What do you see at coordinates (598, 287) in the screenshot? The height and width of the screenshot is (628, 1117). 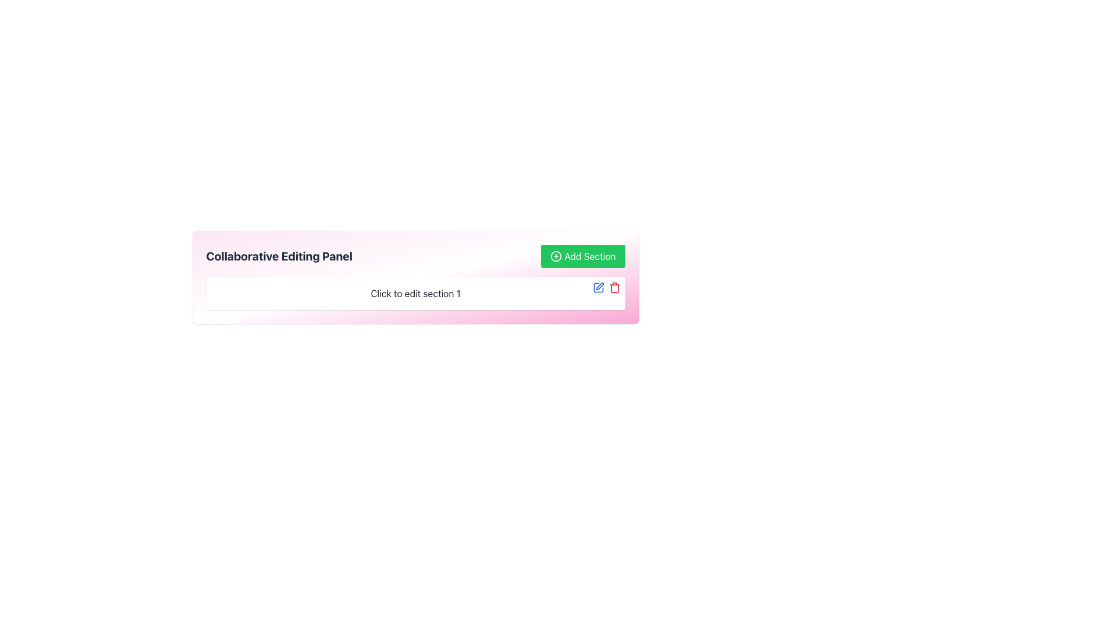 I see `the blue pen icon button located to the right of the text input box` at bounding box center [598, 287].